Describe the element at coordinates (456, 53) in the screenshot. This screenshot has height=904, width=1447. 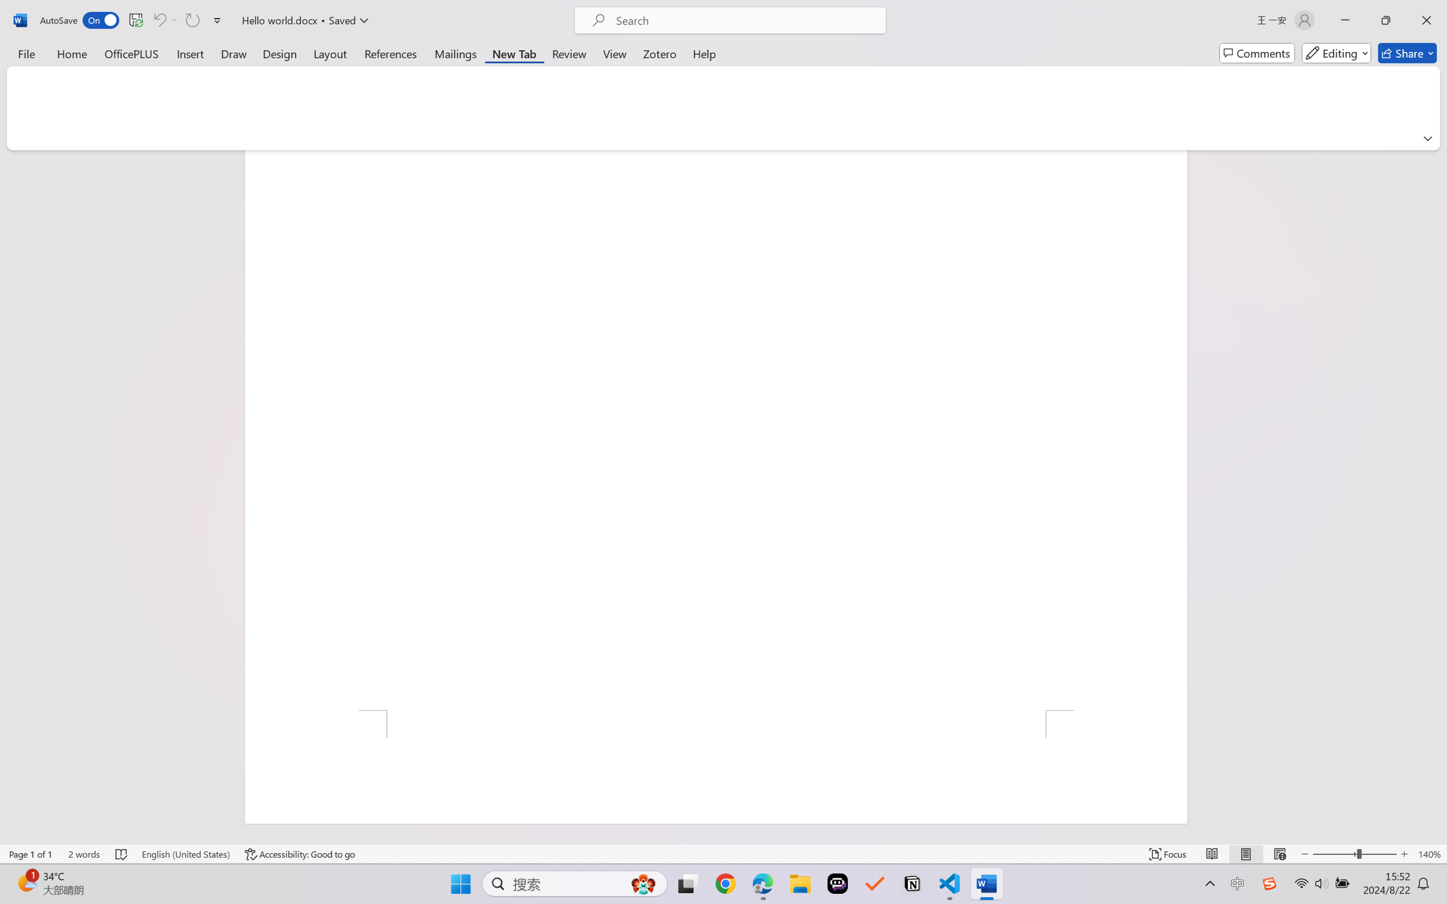
I see `'Mailings'` at that location.